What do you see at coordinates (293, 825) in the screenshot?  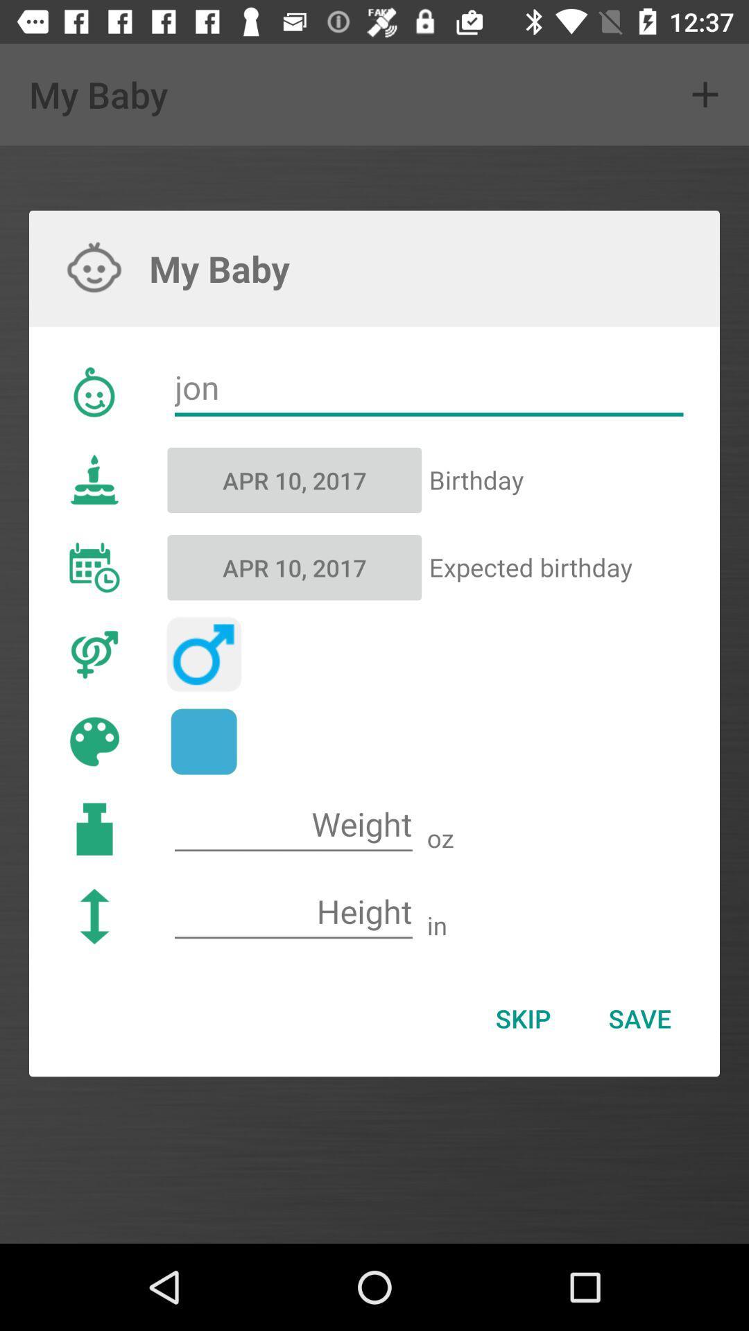 I see `baby 's weight` at bounding box center [293, 825].